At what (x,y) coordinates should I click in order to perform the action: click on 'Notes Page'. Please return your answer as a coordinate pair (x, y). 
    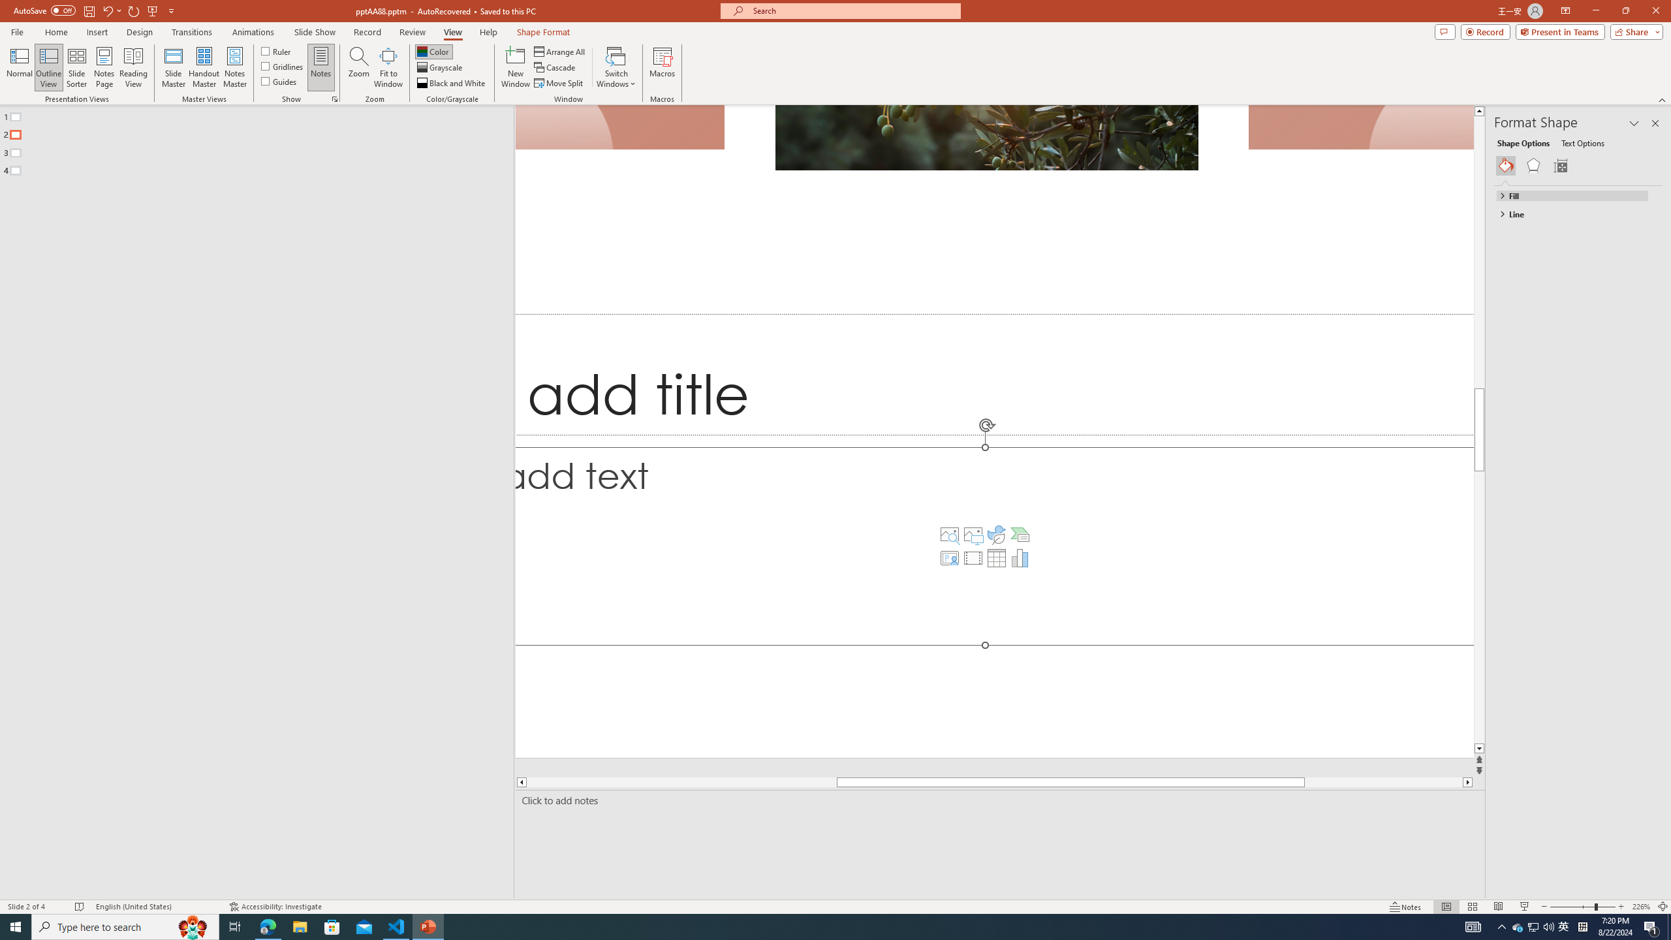
    Looking at the image, I should click on (104, 67).